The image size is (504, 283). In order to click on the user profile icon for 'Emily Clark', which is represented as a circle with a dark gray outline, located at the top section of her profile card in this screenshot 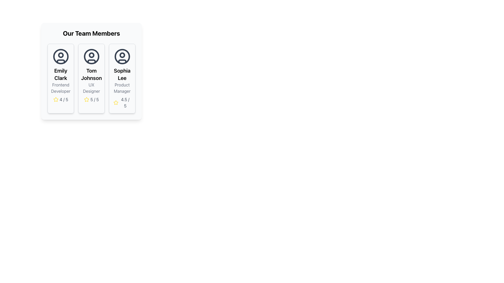, I will do `click(61, 57)`.